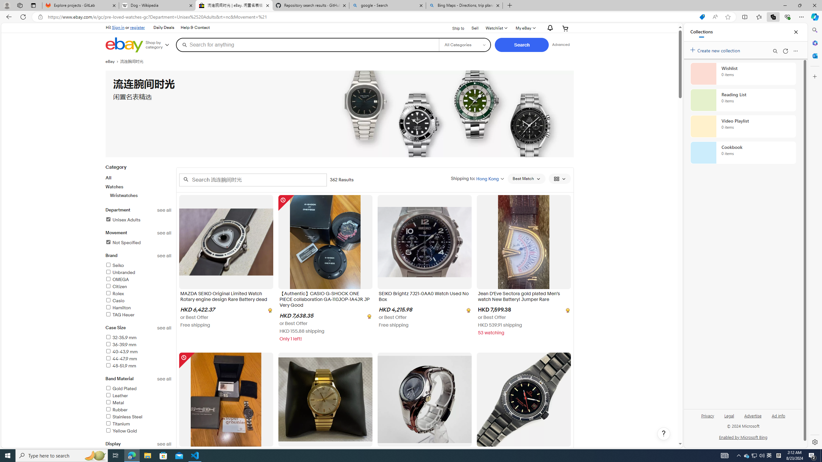  What do you see at coordinates (124, 45) in the screenshot?
I see `'eBay Home'` at bounding box center [124, 45].